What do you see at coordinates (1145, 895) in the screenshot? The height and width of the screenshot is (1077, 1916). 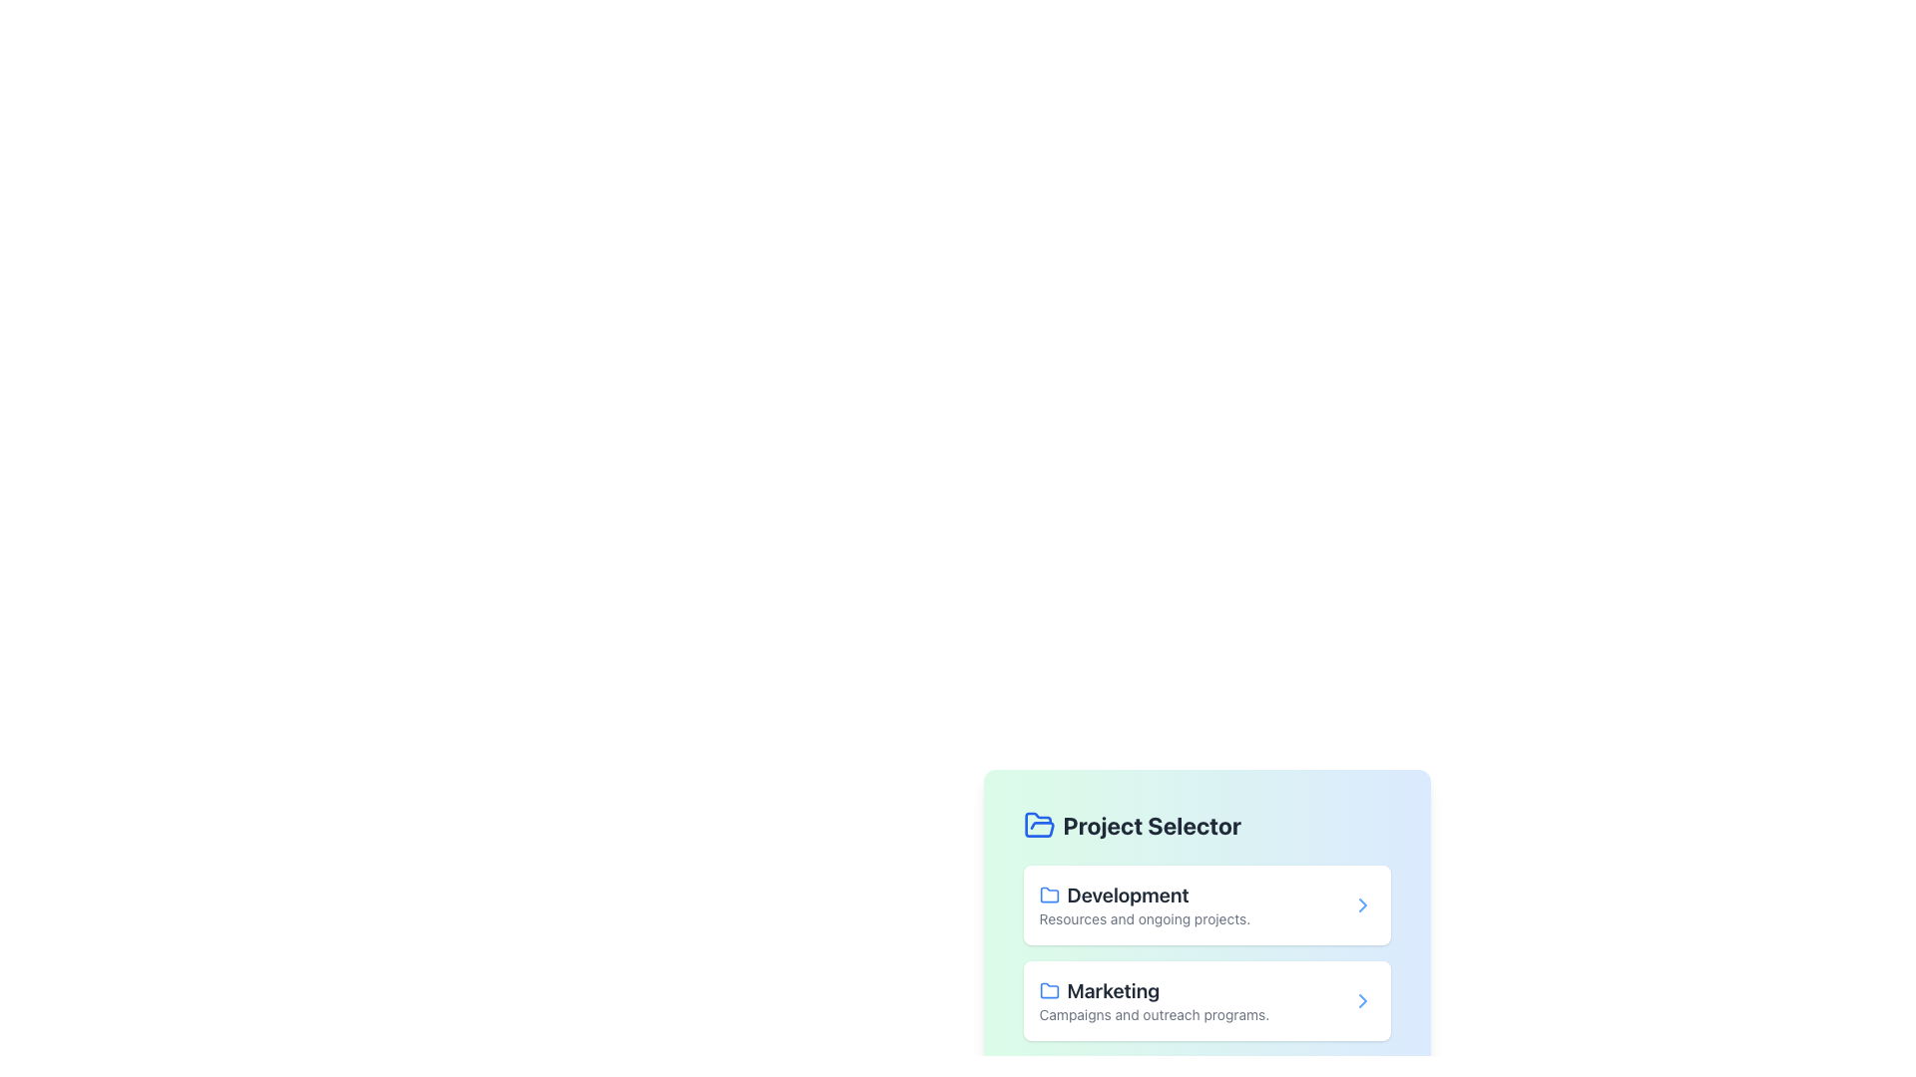 I see `text content of the 'Development' section header, which serves as a navigational guide for resources and projects` at bounding box center [1145, 895].